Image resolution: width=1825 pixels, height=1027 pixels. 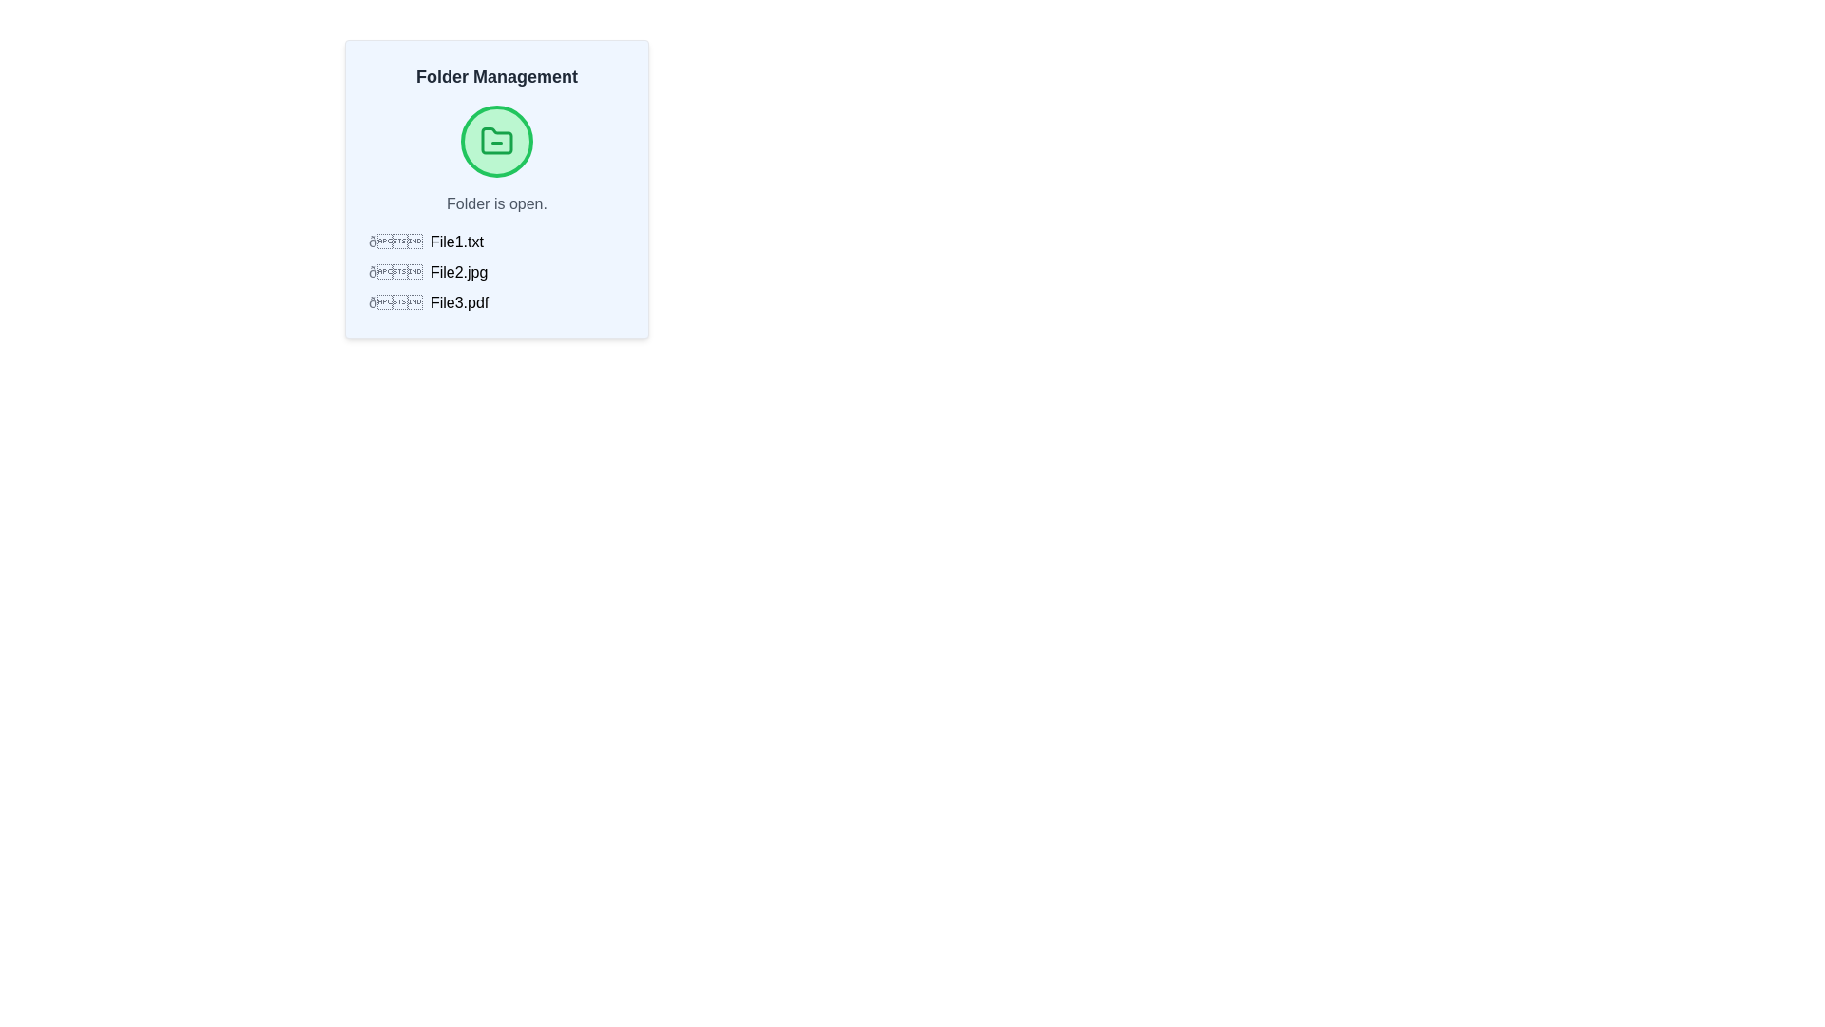 What do you see at coordinates (394, 272) in the screenshot?
I see `the gray circular icon representing the file type of 'File2.jpg' to infer its type` at bounding box center [394, 272].